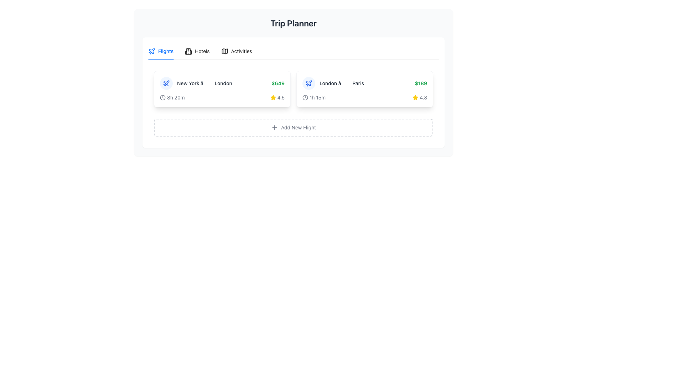  I want to click on the text label displaying the number '4.8' in bold, dark font, which is located next to a yellow star icon on the second card, so click(423, 97).